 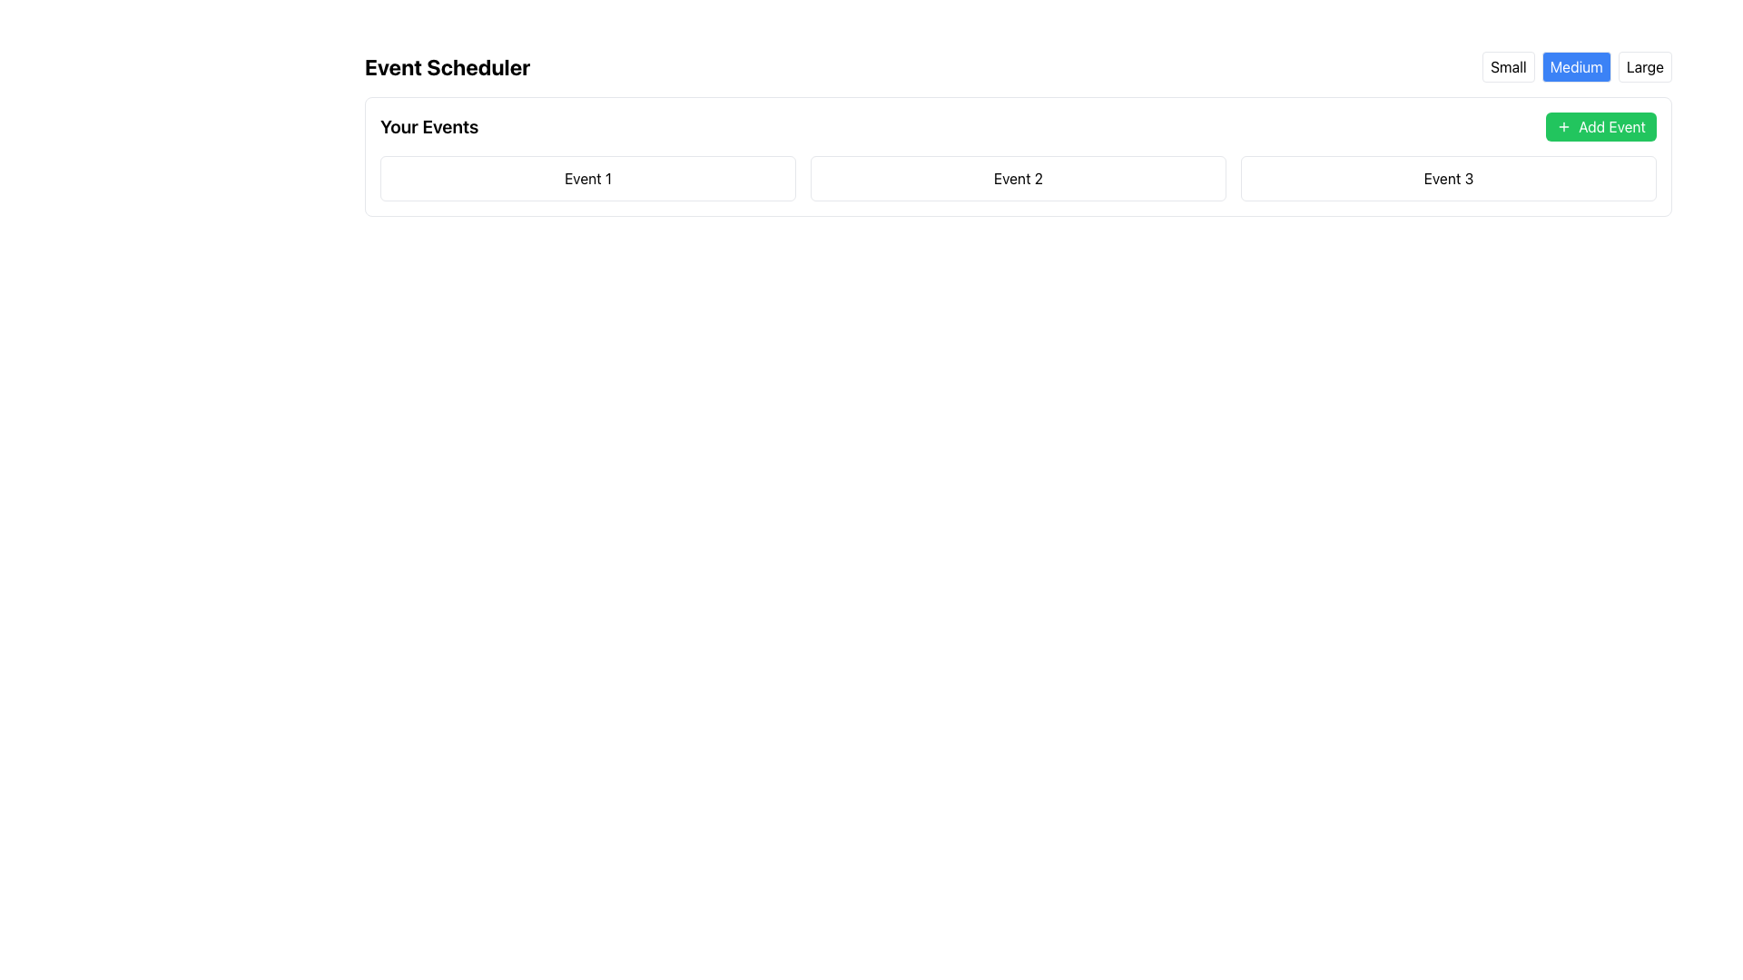 What do you see at coordinates (1563, 125) in the screenshot?
I see `the minimalist plus sign icon located to the left of the text content in the 'Add Event' button` at bounding box center [1563, 125].